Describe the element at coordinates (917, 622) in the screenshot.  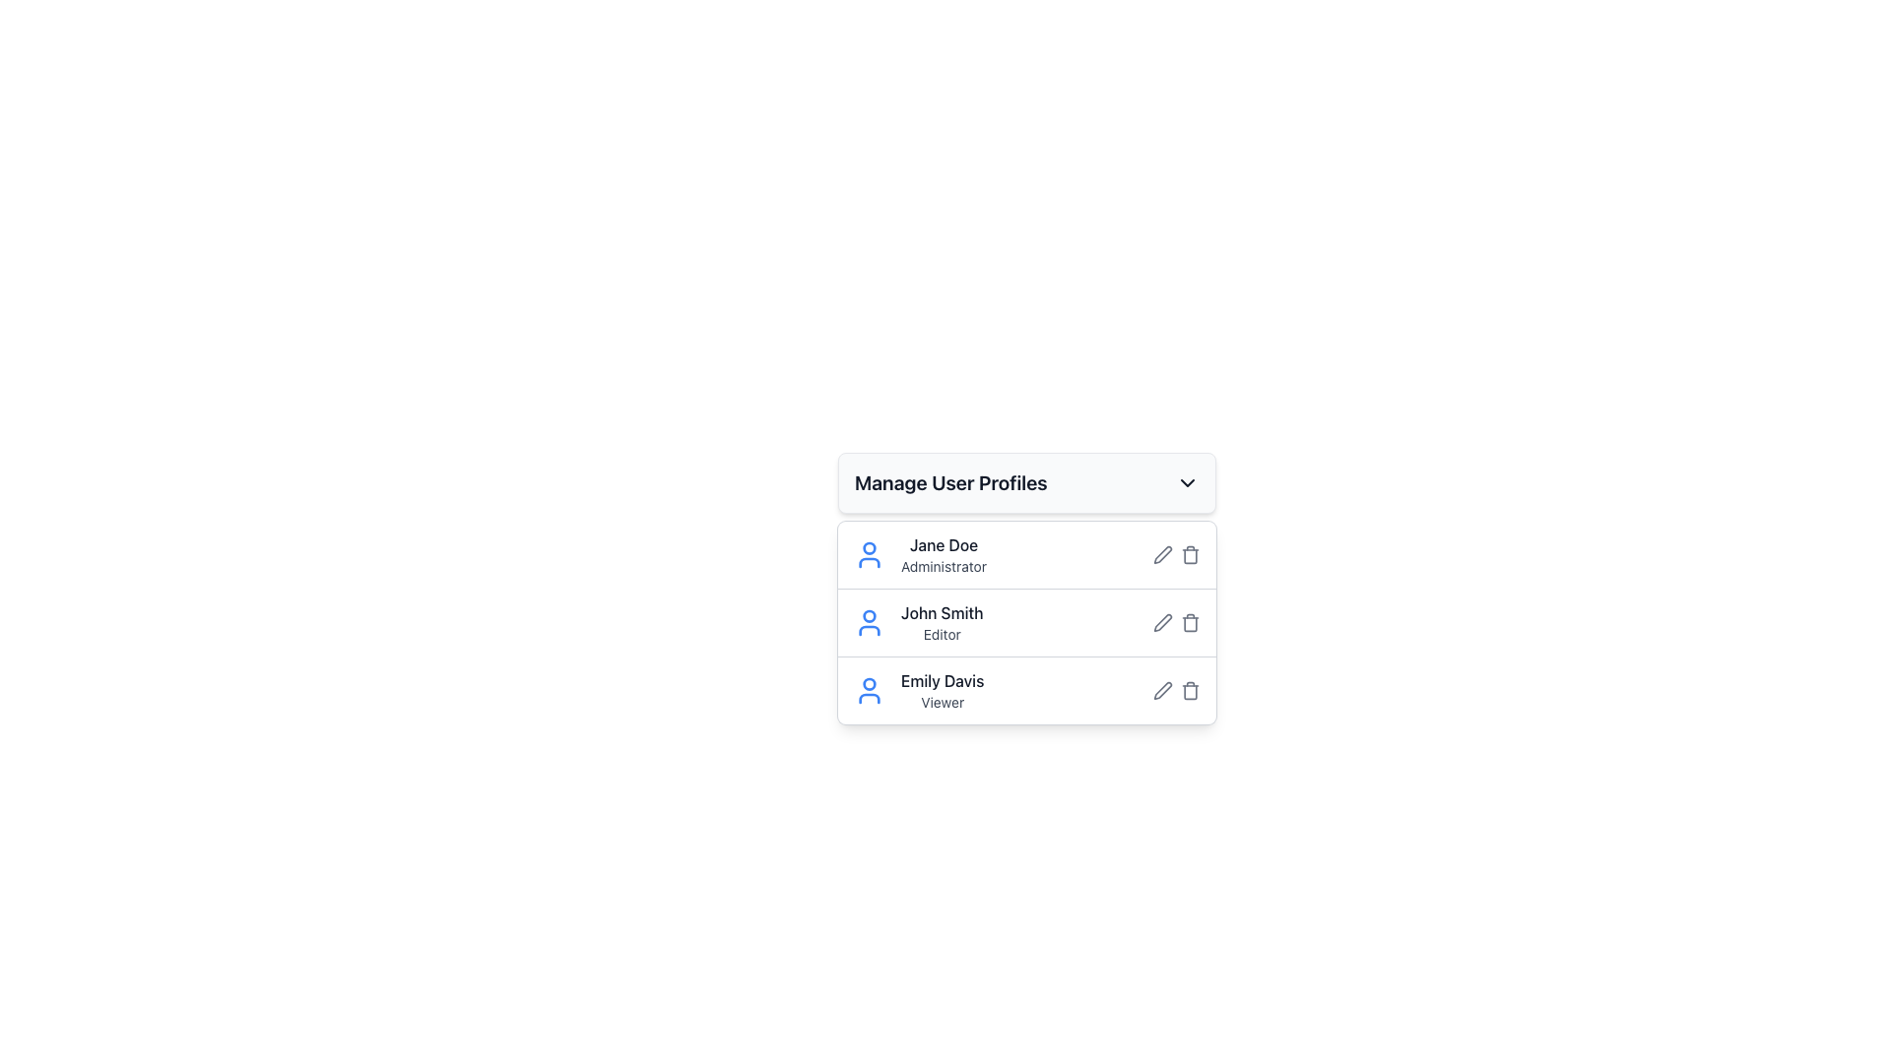
I see `the Profile Information Row displaying 'John Smith' as the user with the role 'Editor'` at that location.